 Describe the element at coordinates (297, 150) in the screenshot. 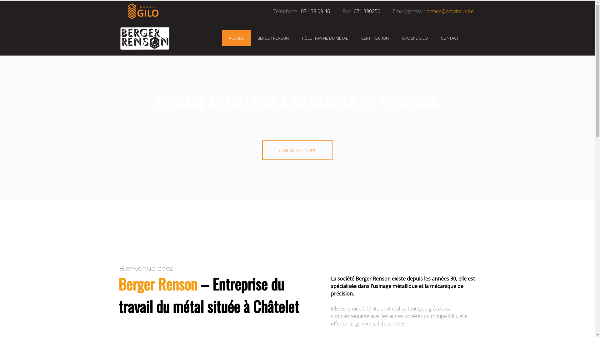

I see `'CONTACTEZ-NOUS'` at that location.